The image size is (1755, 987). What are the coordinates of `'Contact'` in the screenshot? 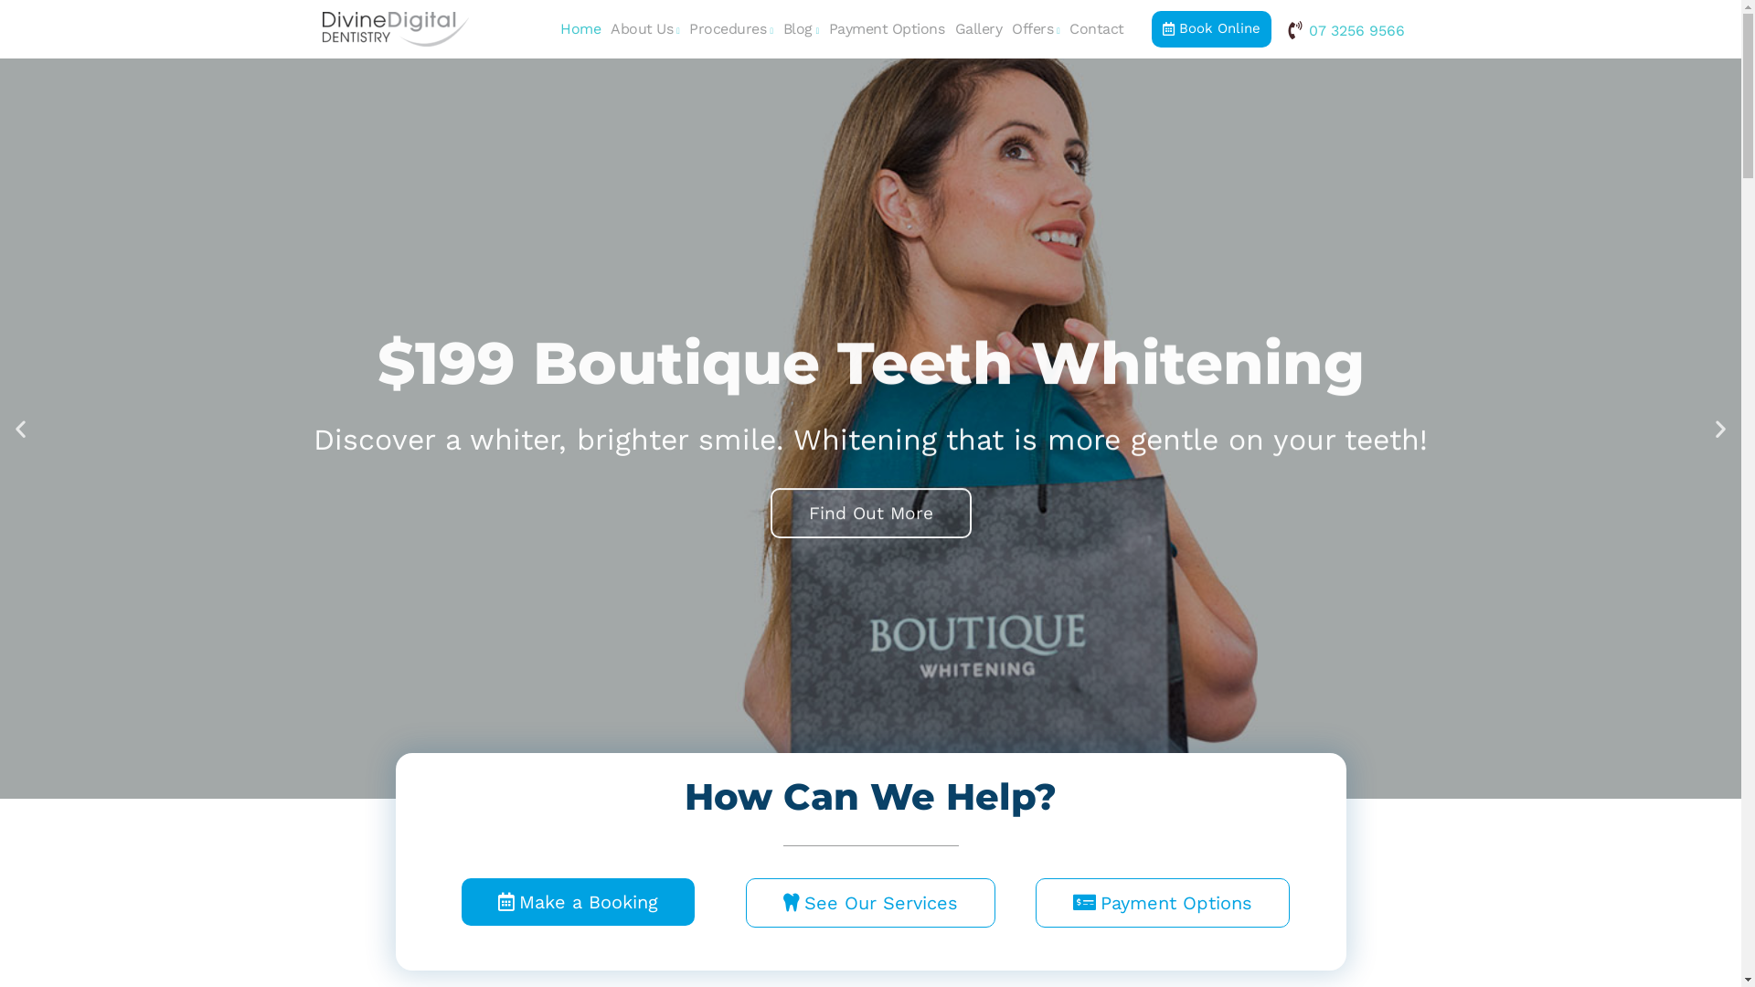 It's located at (1097, 28).